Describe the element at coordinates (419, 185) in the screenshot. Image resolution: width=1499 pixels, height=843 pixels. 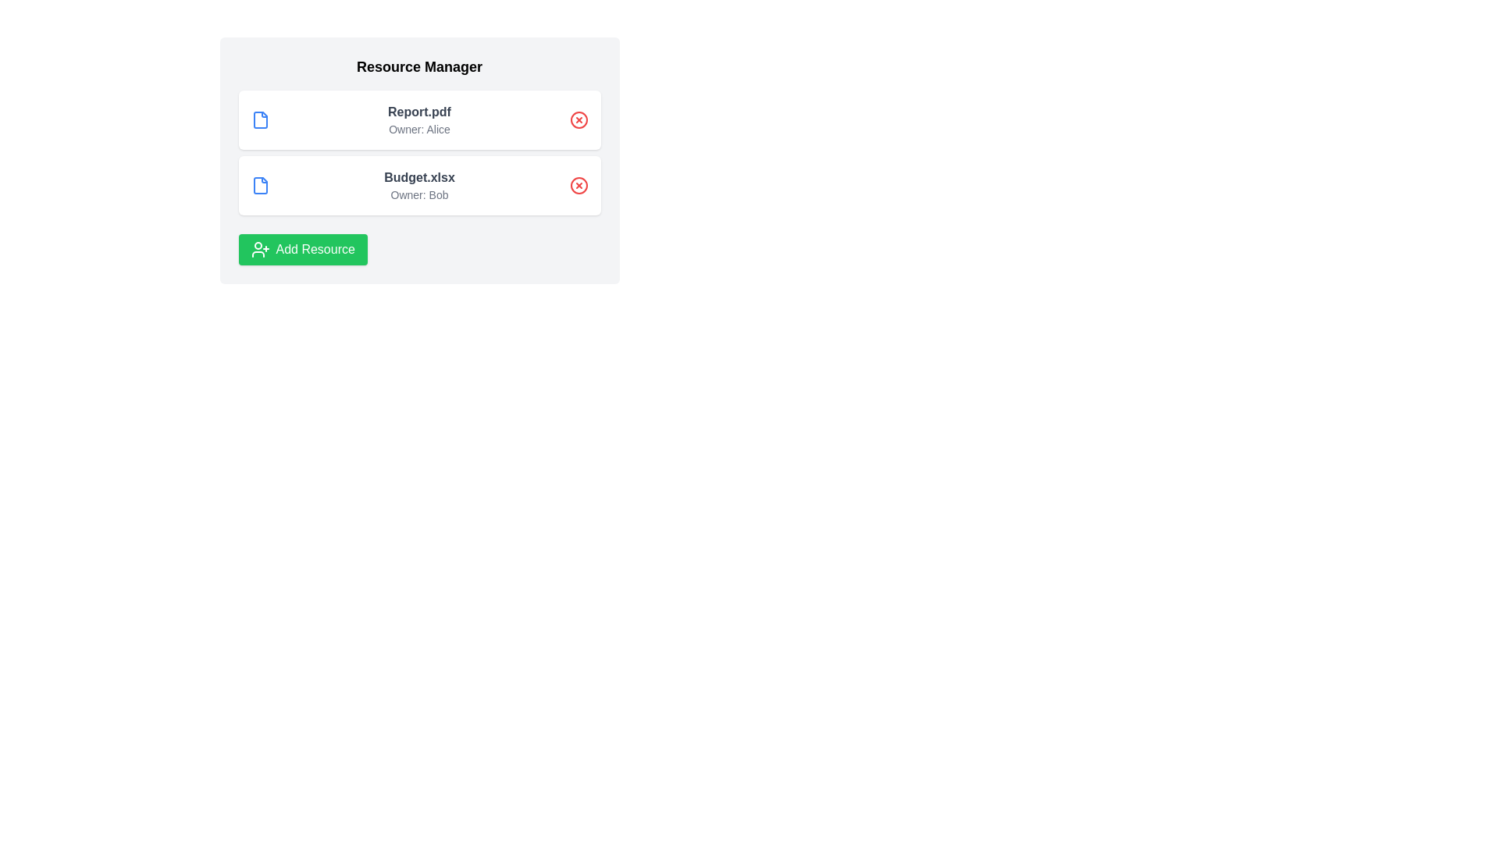
I see `the resource entry for Budget.xlsx to view its details` at that location.